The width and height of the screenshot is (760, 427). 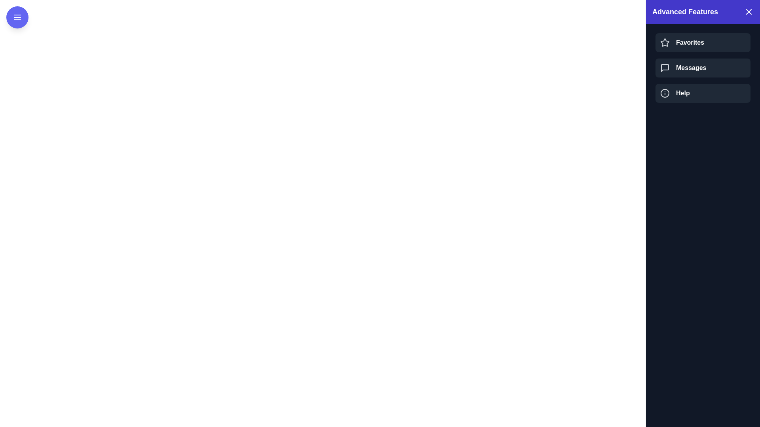 I want to click on the item Favorites in the drawer to highlight it, so click(x=703, y=43).